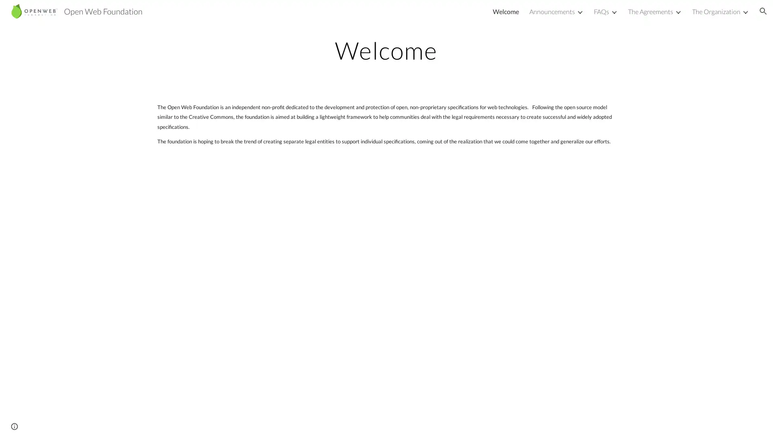  I want to click on Skip to navigation, so click(459, 15).